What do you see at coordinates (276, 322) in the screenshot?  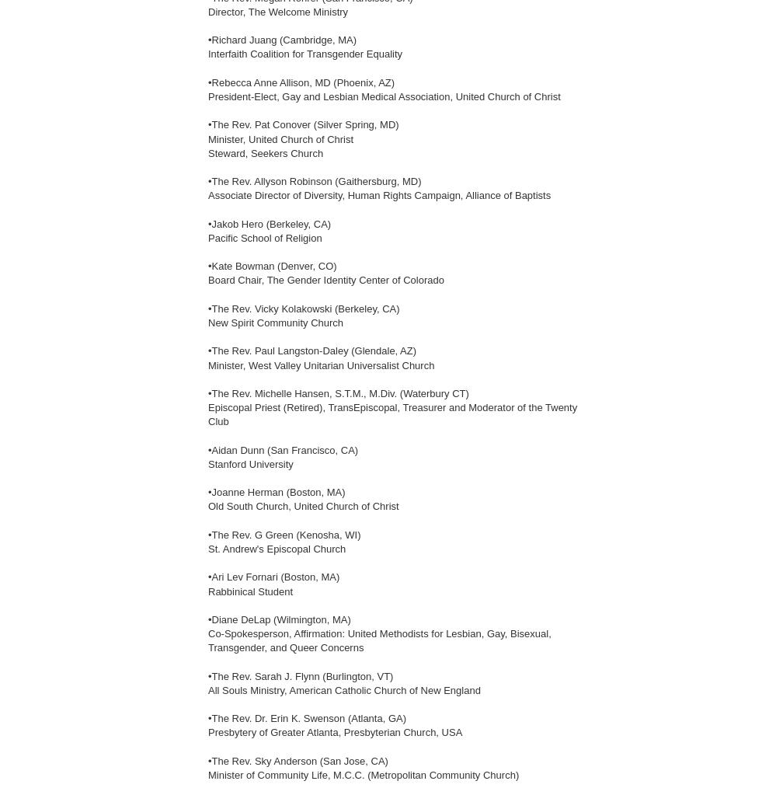 I see `'New Spirit Community Church'` at bounding box center [276, 322].